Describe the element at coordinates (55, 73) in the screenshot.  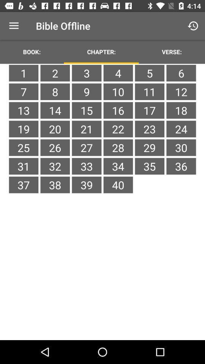
I see `icon above 7 icon` at that location.